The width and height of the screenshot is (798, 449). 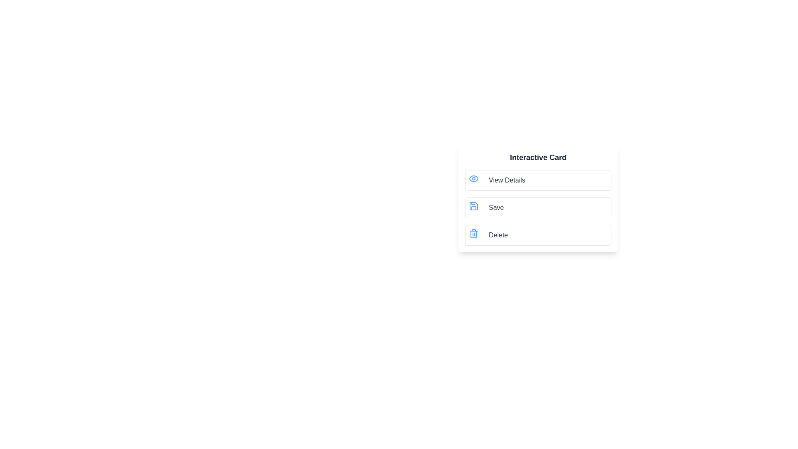 What do you see at coordinates (538, 207) in the screenshot?
I see `the 'Save' button, which is the second button in the list of three buttons within the 'Interactive Card'` at bounding box center [538, 207].